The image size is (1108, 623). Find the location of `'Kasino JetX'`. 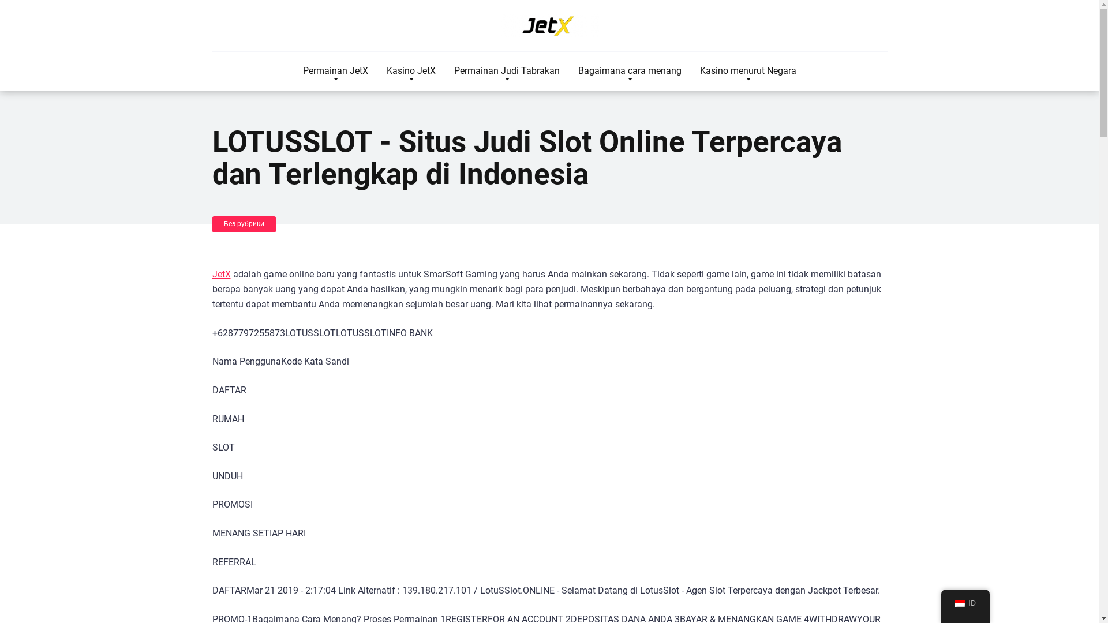

'Kasino JetX' is located at coordinates (411, 71).